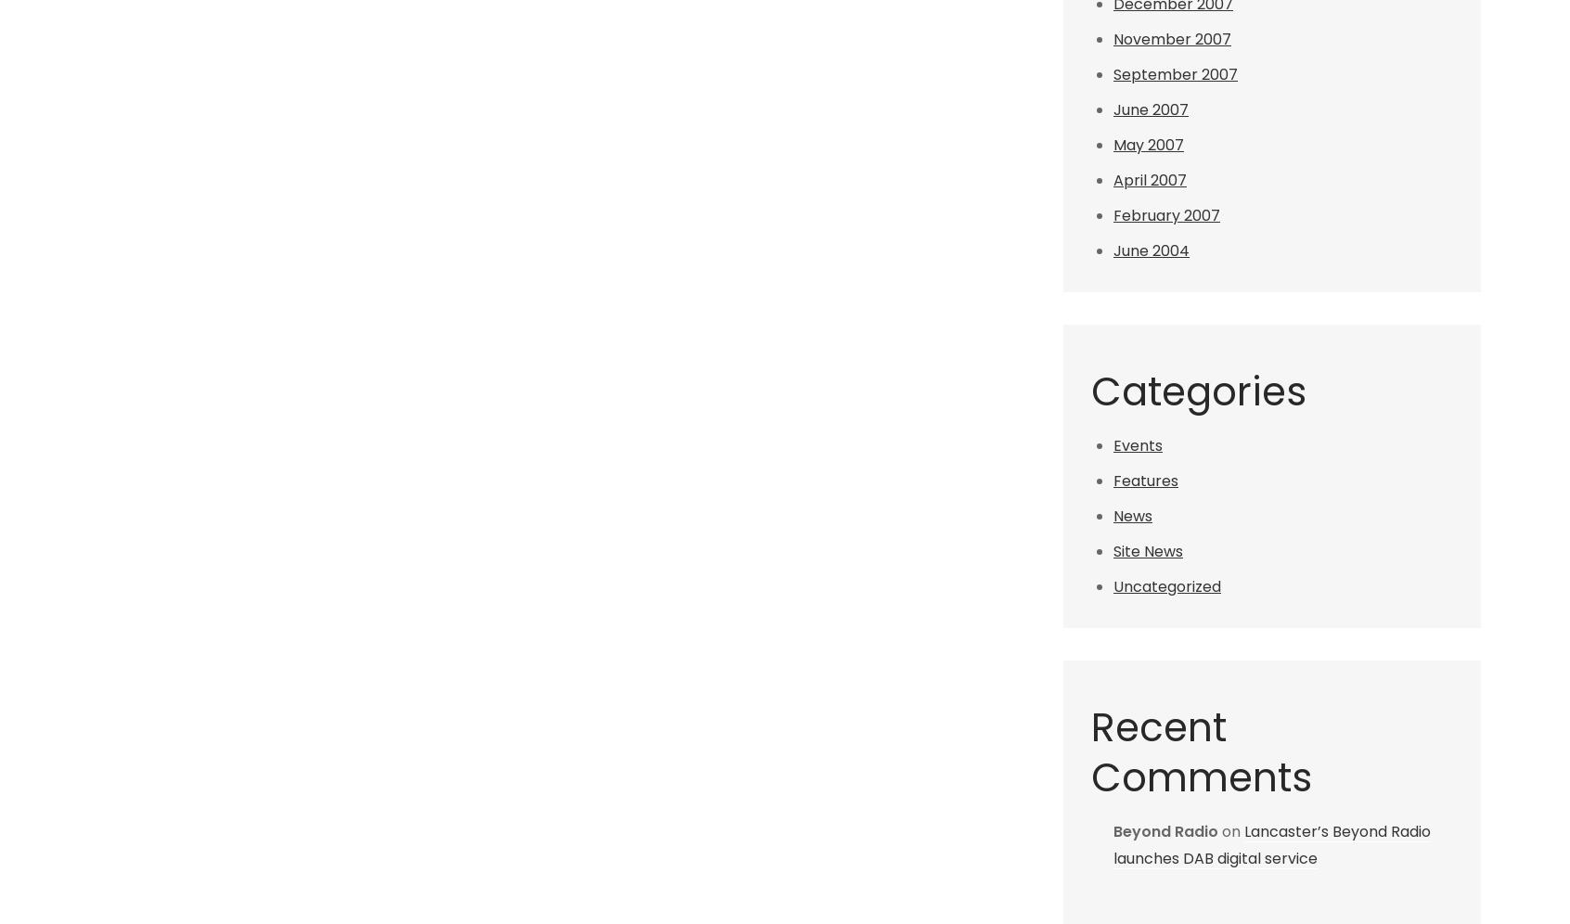 Image resolution: width=1570 pixels, height=924 pixels. What do you see at coordinates (1138, 443) in the screenshot?
I see `'Events'` at bounding box center [1138, 443].